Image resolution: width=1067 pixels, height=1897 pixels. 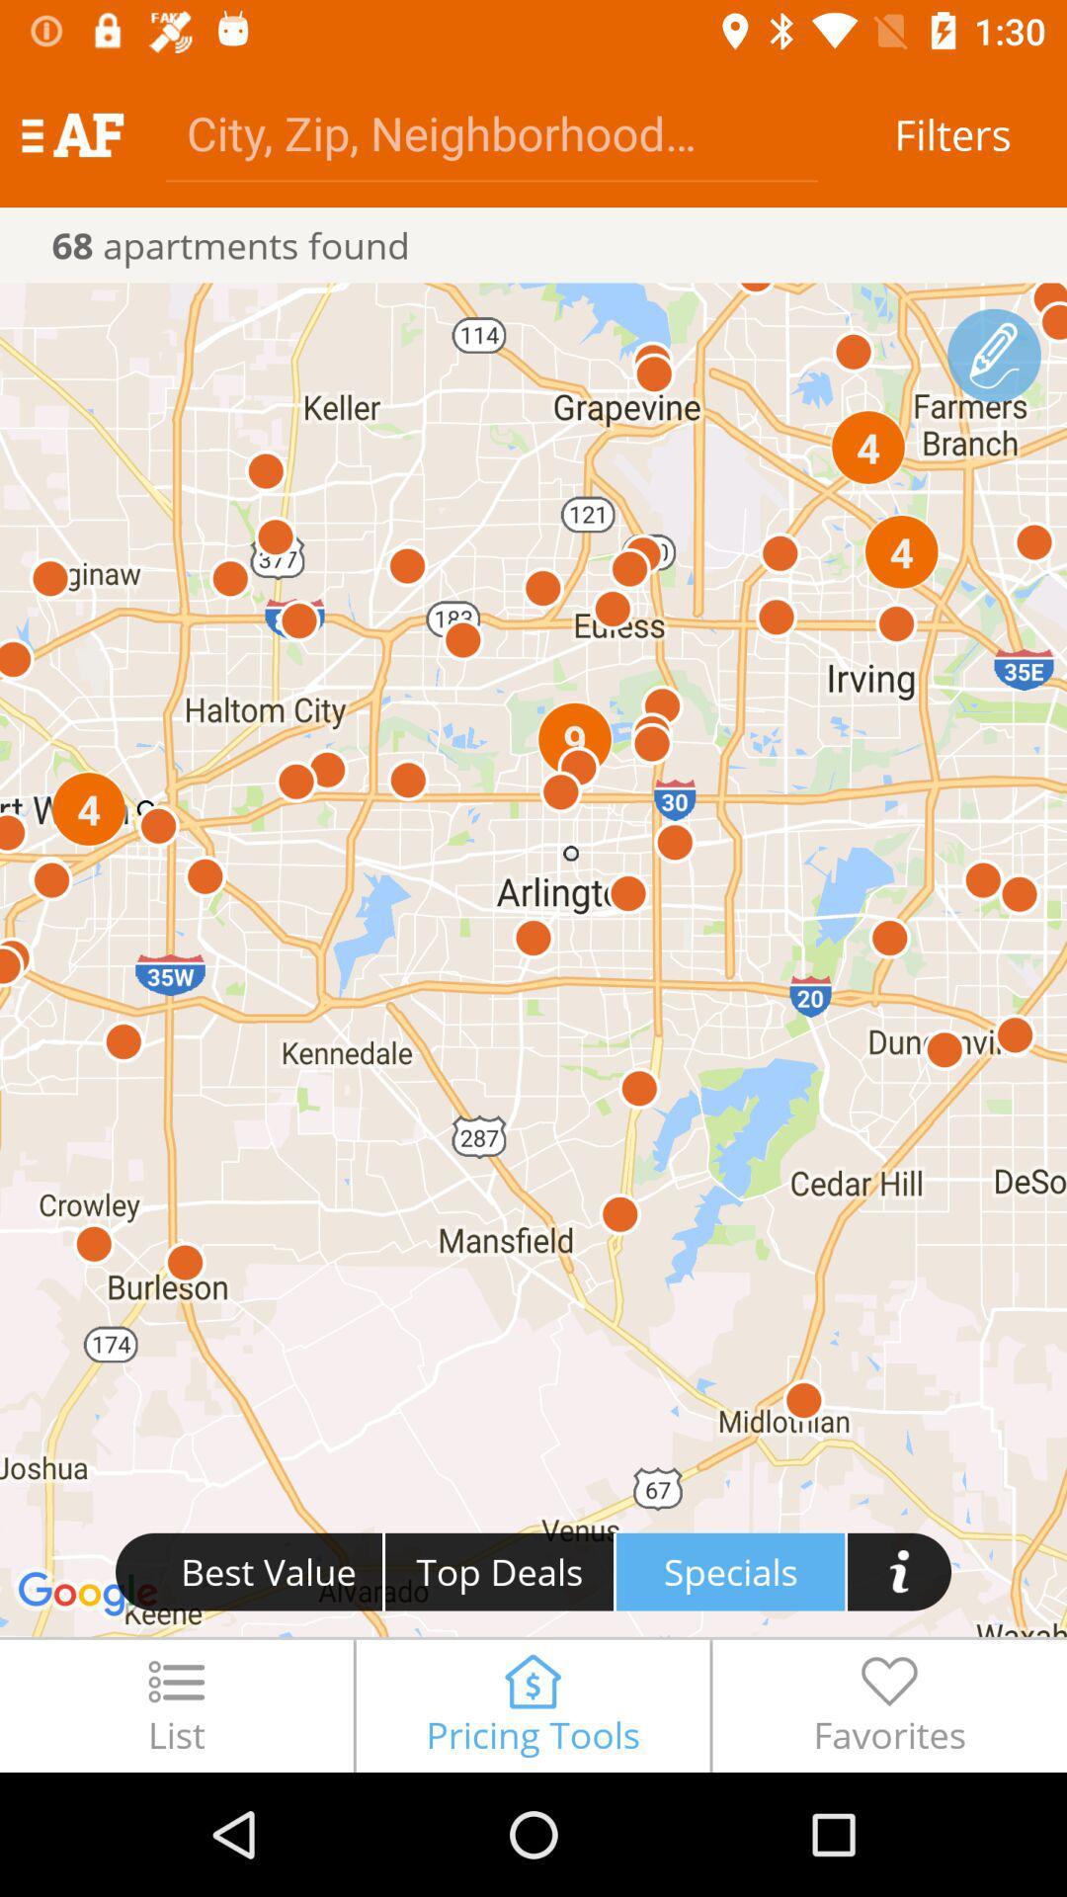 What do you see at coordinates (730, 1571) in the screenshot?
I see `specials icon` at bounding box center [730, 1571].